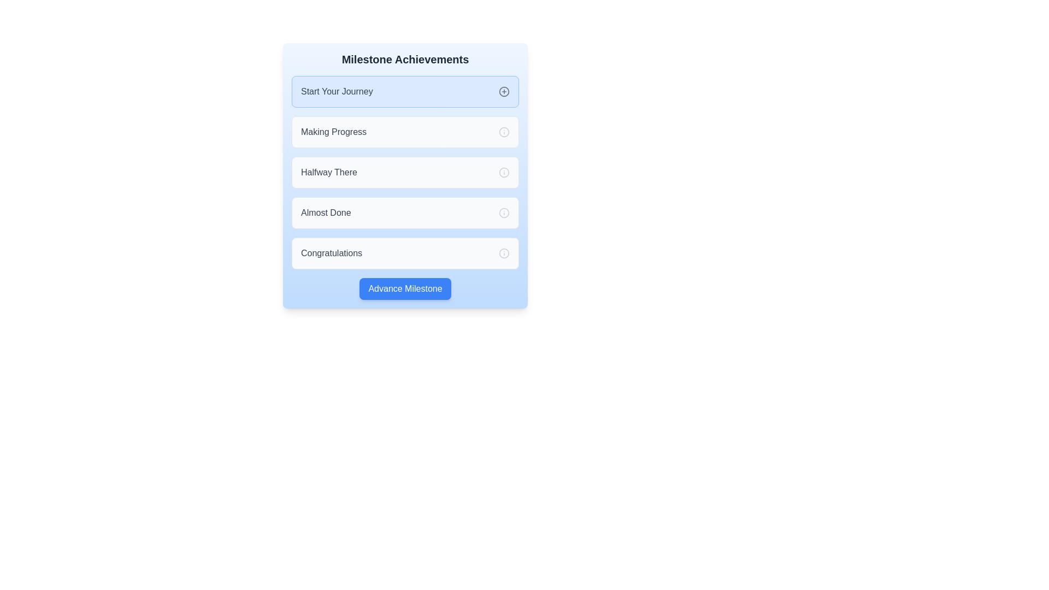  I want to click on the circular light gray information icon located to the right of the 'Almost Done' text, so click(503, 213).